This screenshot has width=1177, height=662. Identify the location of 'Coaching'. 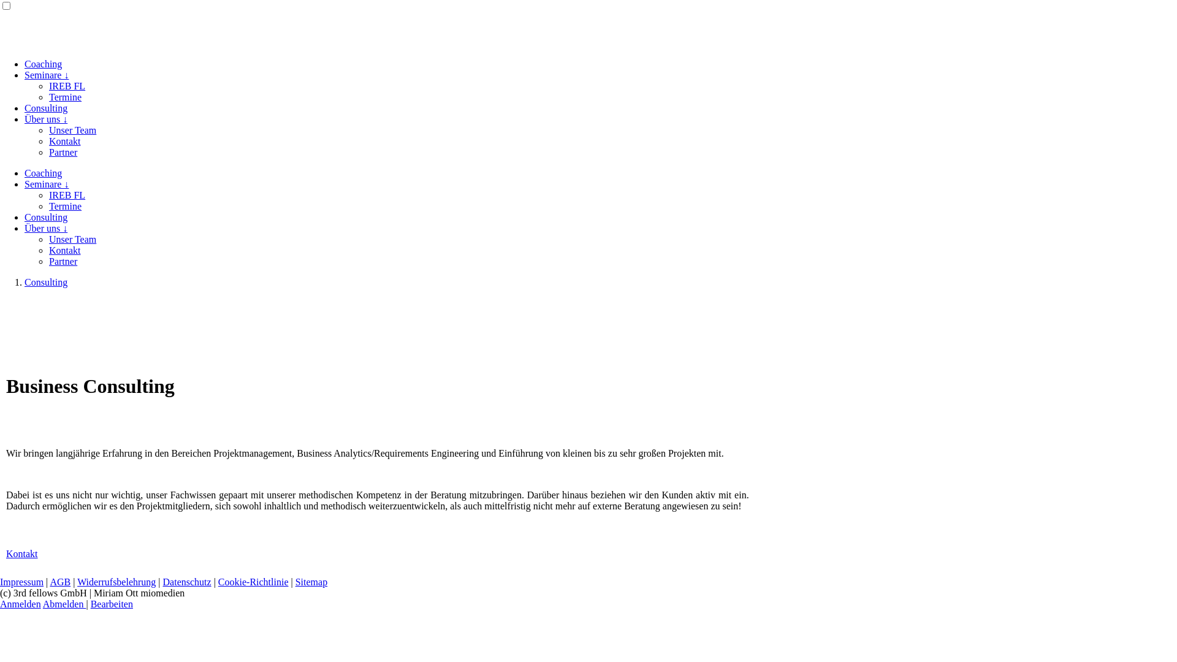
(43, 64).